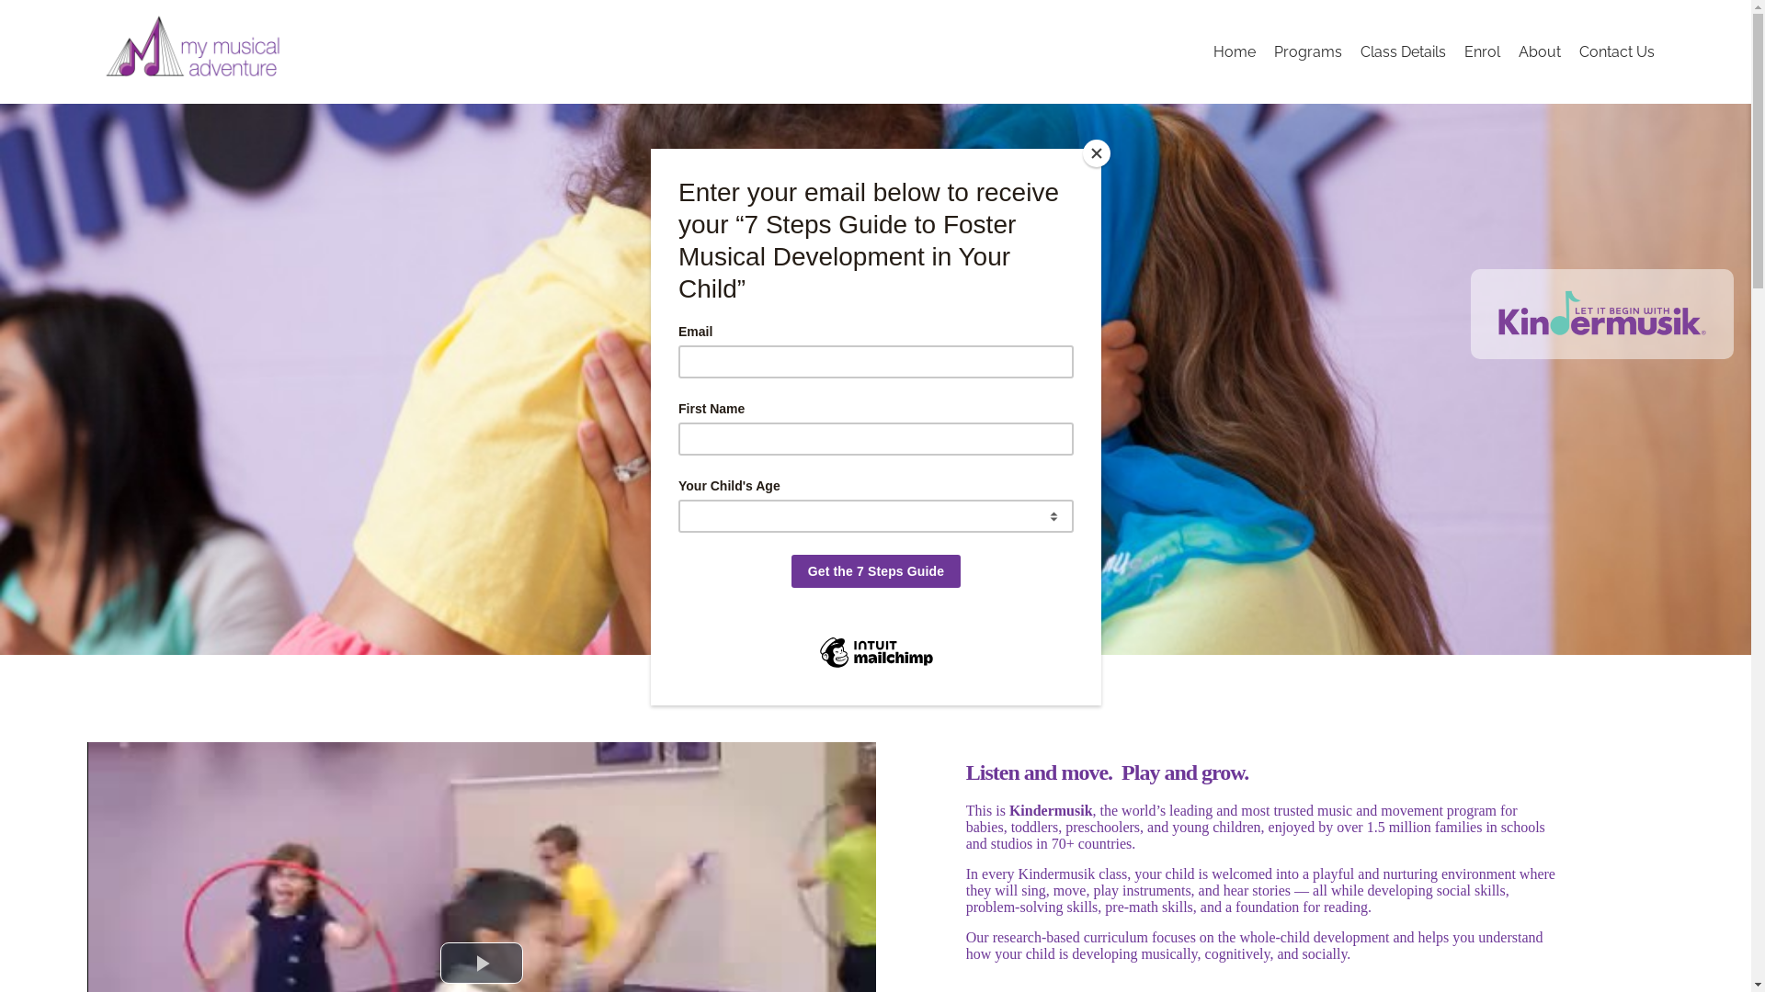  I want to click on 'Class Details', so click(1402, 51).